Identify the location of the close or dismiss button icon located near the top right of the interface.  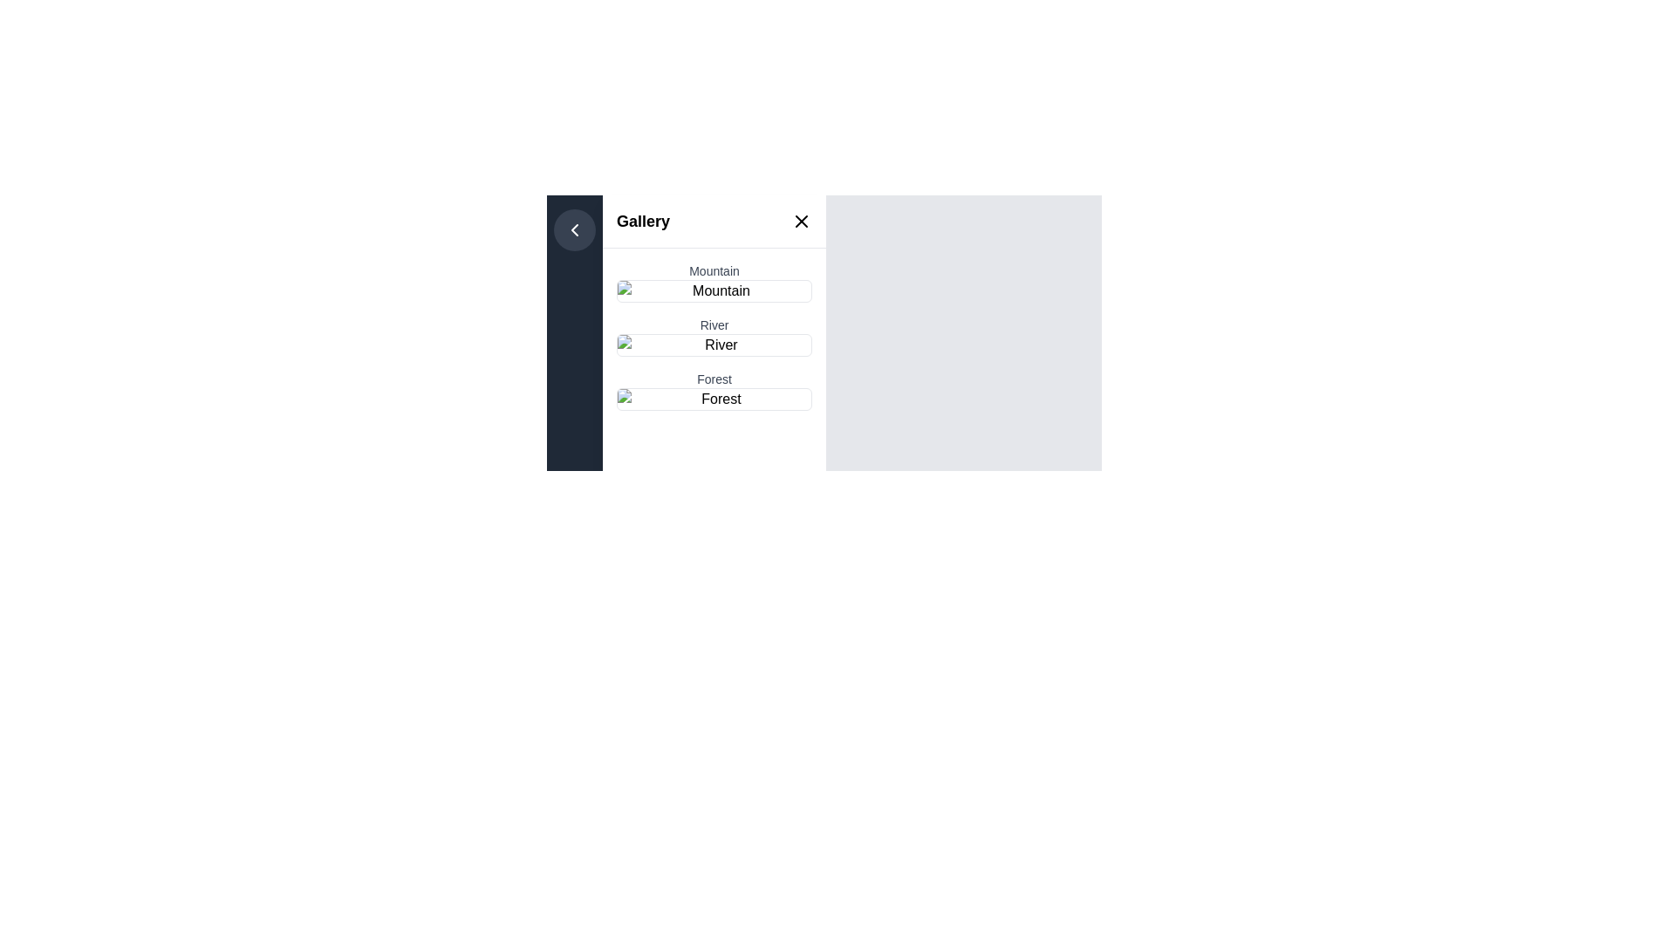
(800, 221).